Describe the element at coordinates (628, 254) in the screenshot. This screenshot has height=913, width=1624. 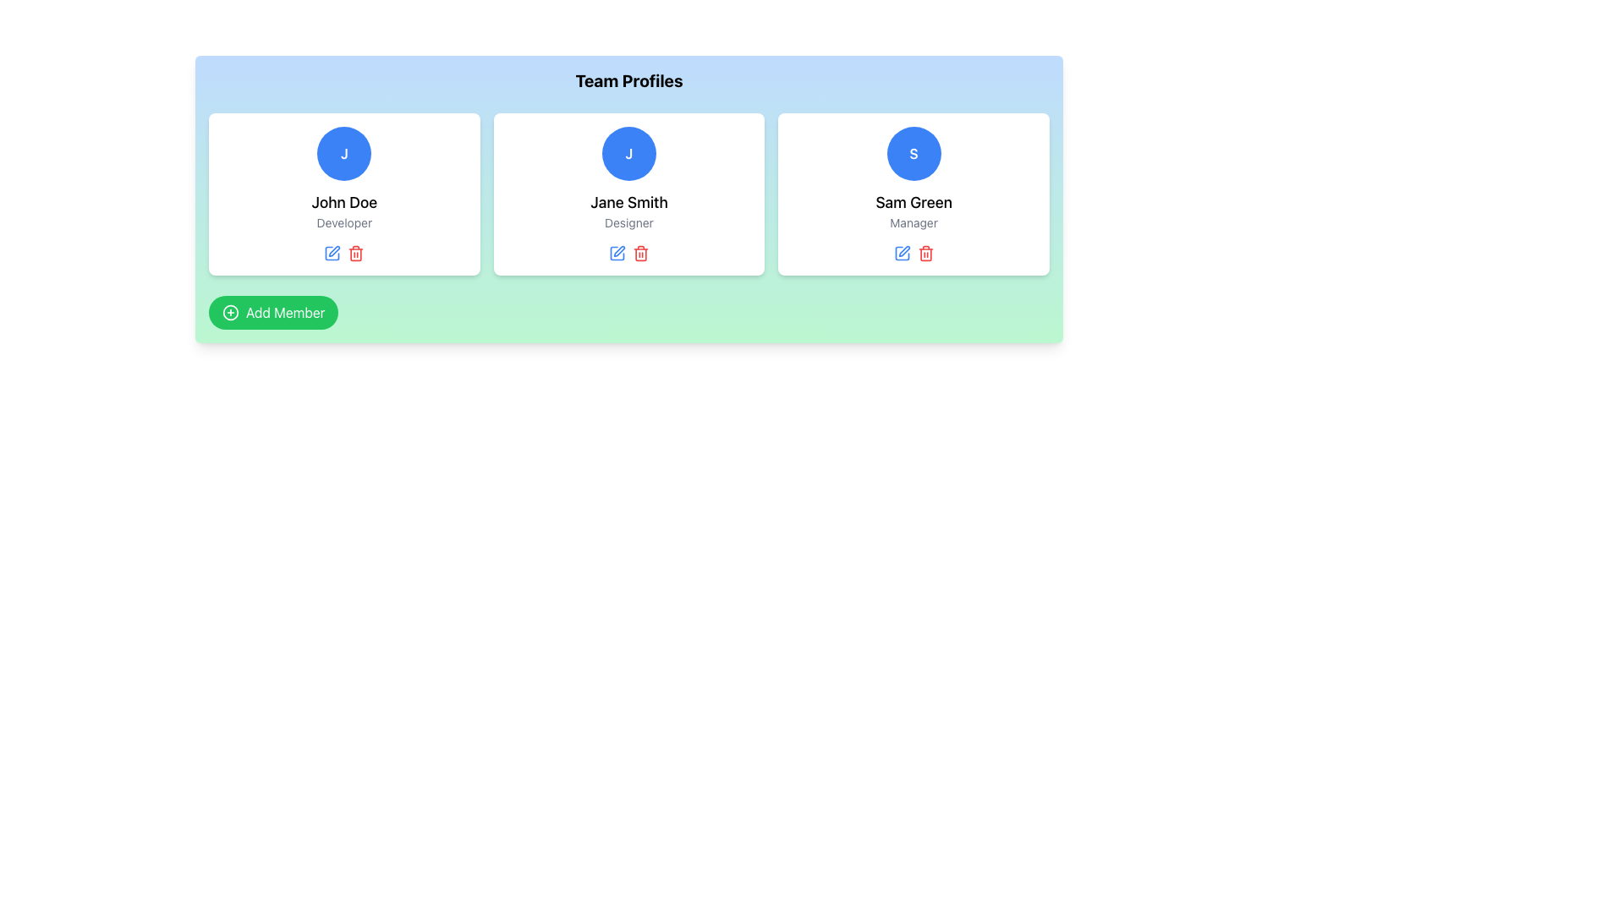
I see `the blue edit icon in the horizontal group of interactive icons located in the center card for 'Jane Smith', positioned just below the 'Designer' text, to initiate editing` at that location.